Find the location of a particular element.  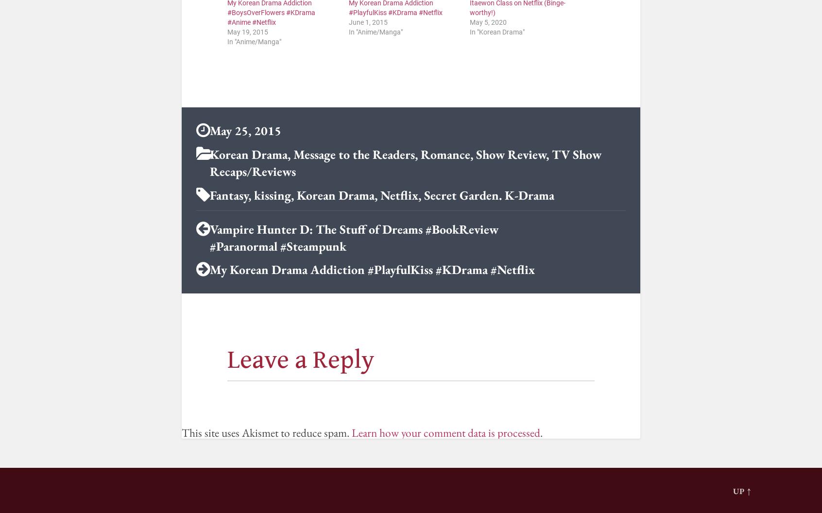

'My Korean Drama Addiction #PlayfulKiss #KDrama #Netflix' is located at coordinates (209, 270).